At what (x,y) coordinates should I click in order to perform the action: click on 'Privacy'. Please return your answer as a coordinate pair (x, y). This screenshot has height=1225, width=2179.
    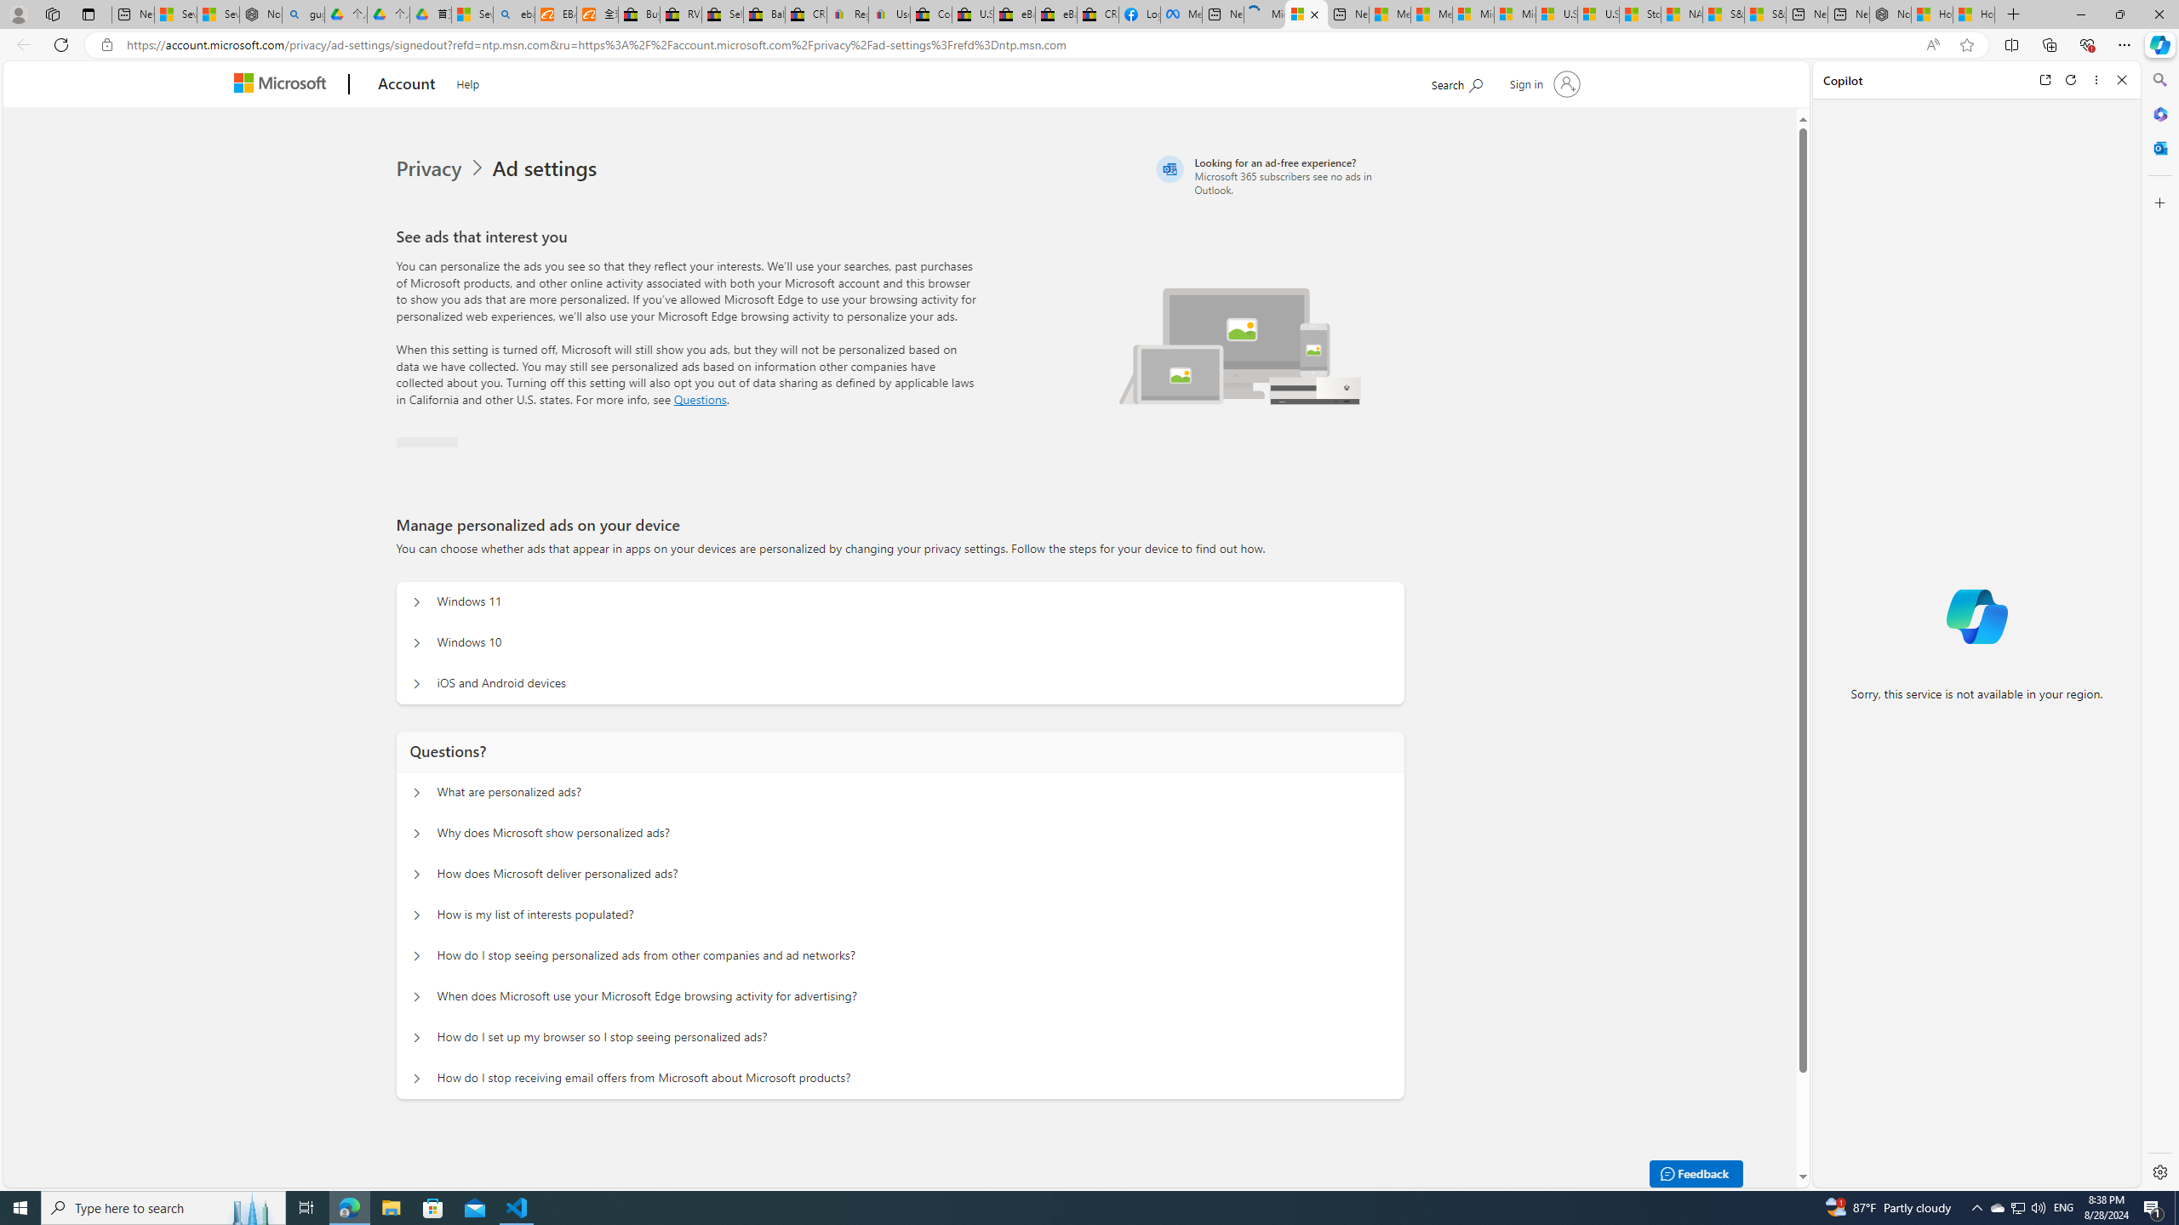
    Looking at the image, I should click on (430, 168).